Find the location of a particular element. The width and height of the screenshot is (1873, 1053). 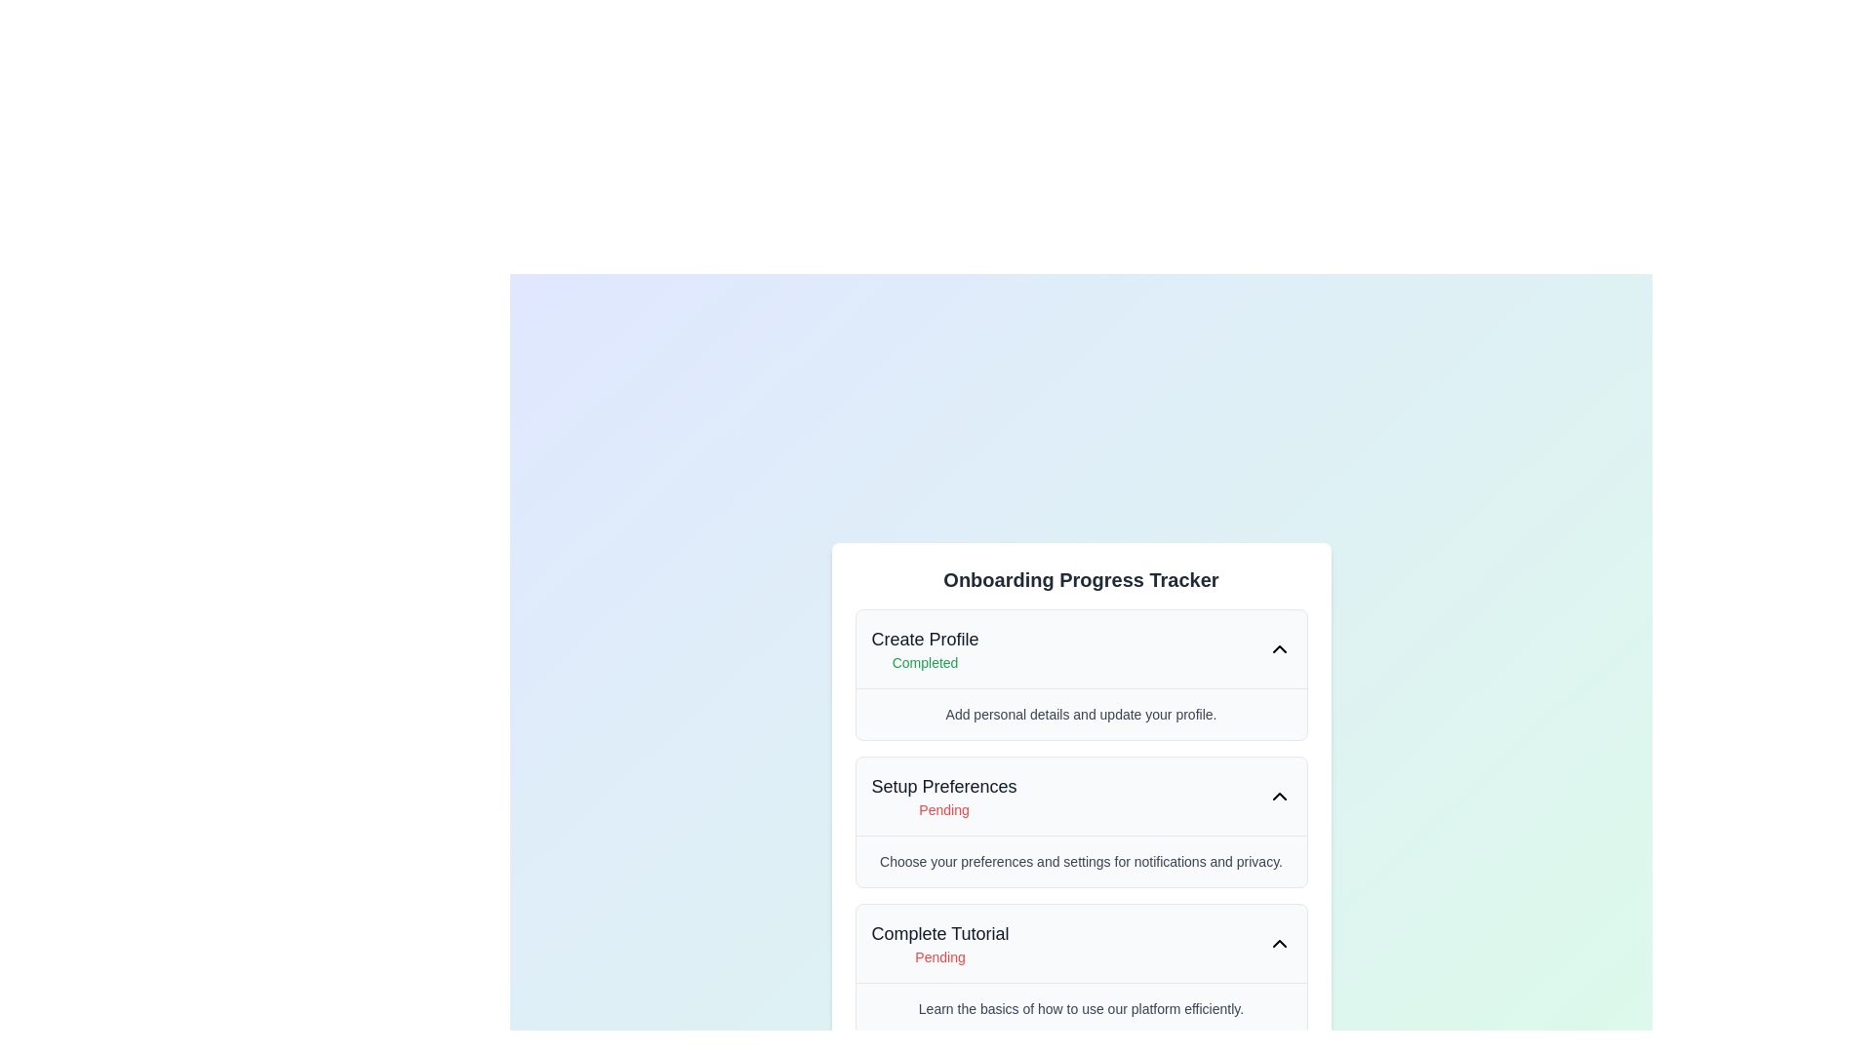

the Informational indicator displaying 'Complete Tutorial' and 'Pending' status, located in the bottom section of the 'Onboarding Progress Tracker' interface is located at coordinates (940, 942).